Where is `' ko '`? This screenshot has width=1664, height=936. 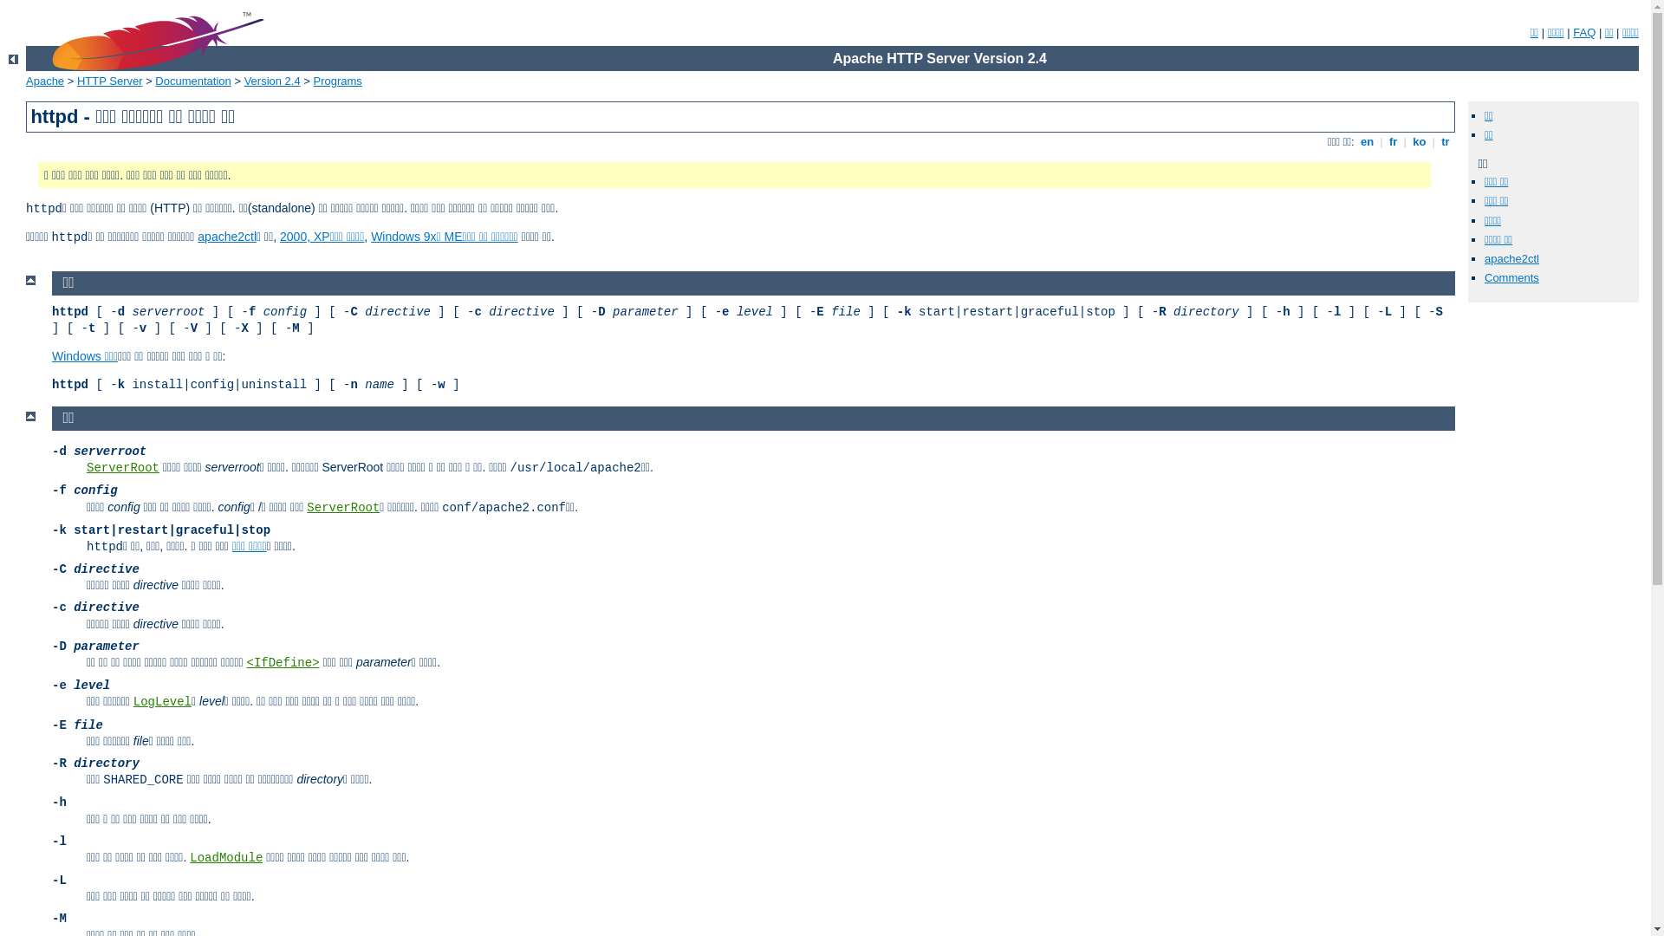 ' ko ' is located at coordinates (1419, 140).